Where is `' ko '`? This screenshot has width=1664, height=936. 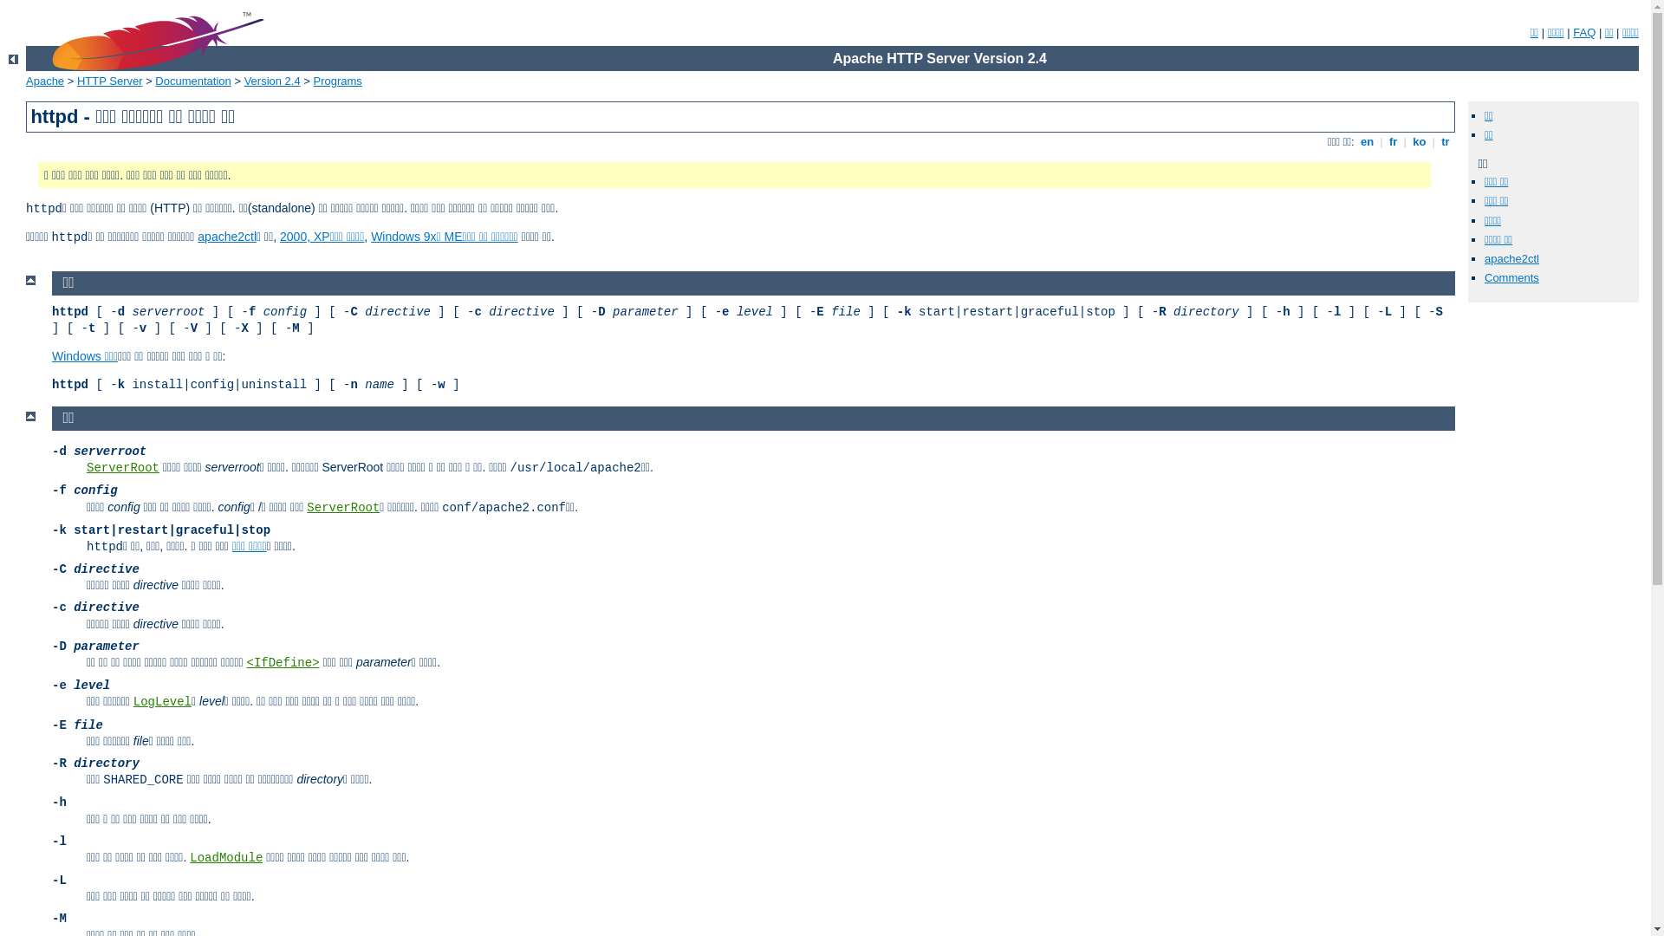 ' ko ' is located at coordinates (1419, 140).